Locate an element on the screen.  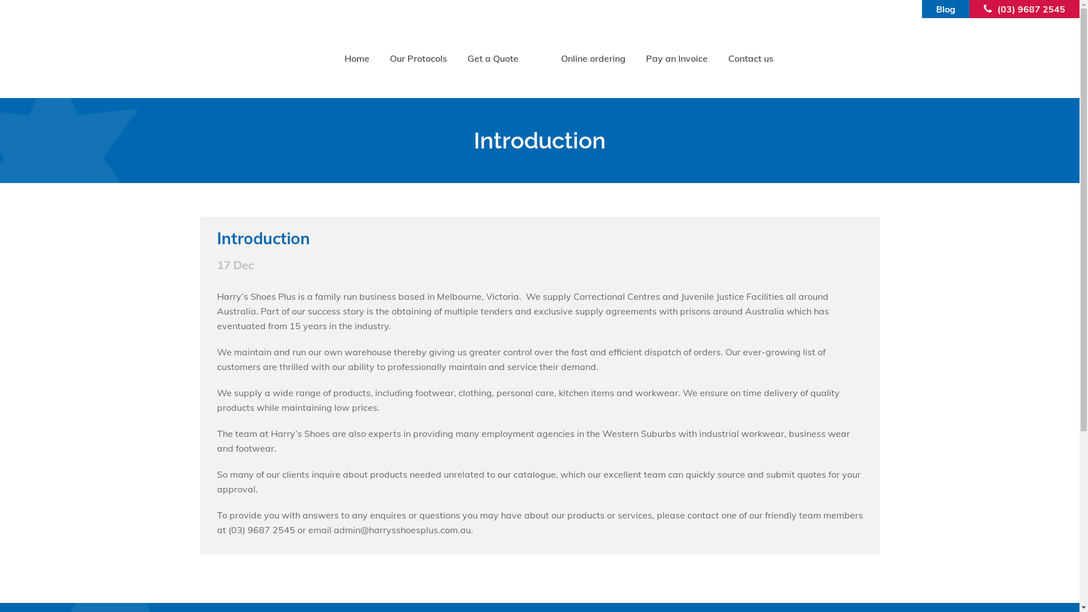
'(03) 9687 2545' is located at coordinates (997, 8).